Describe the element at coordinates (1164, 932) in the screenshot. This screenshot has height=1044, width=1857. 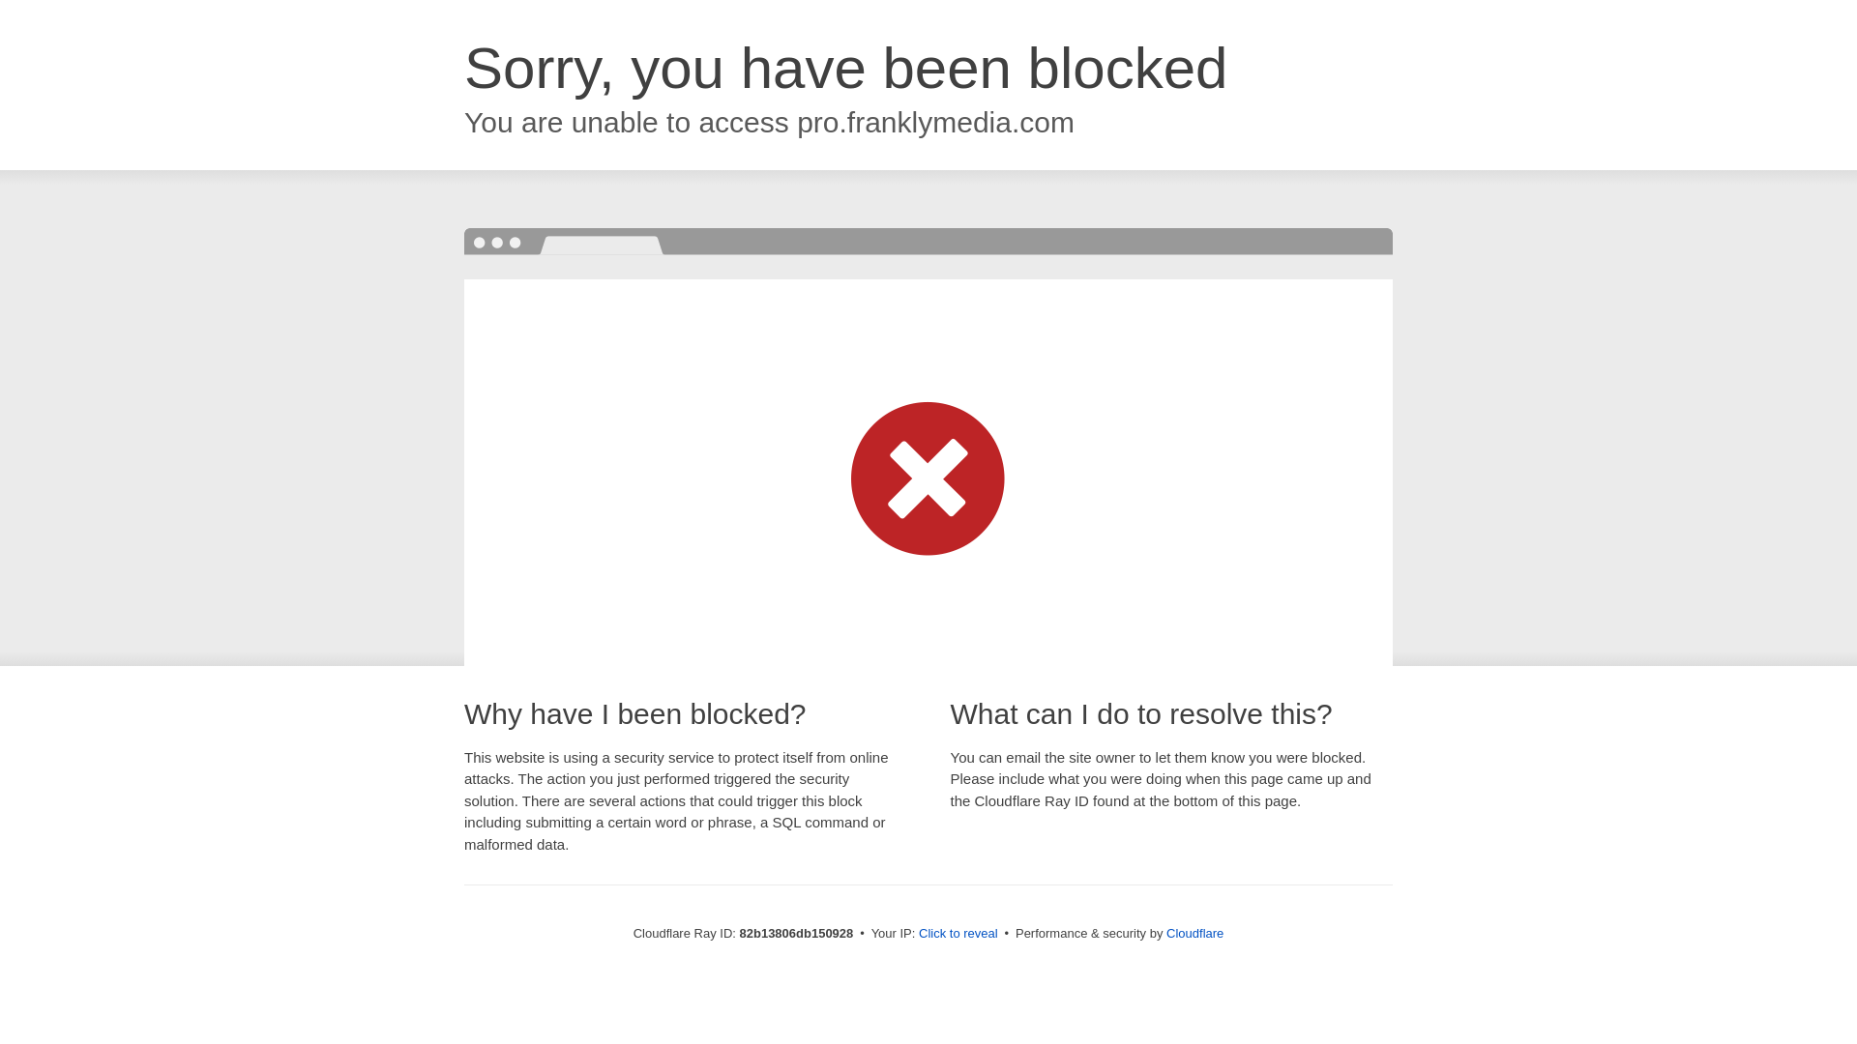
I see `'Cloudflare'` at that location.